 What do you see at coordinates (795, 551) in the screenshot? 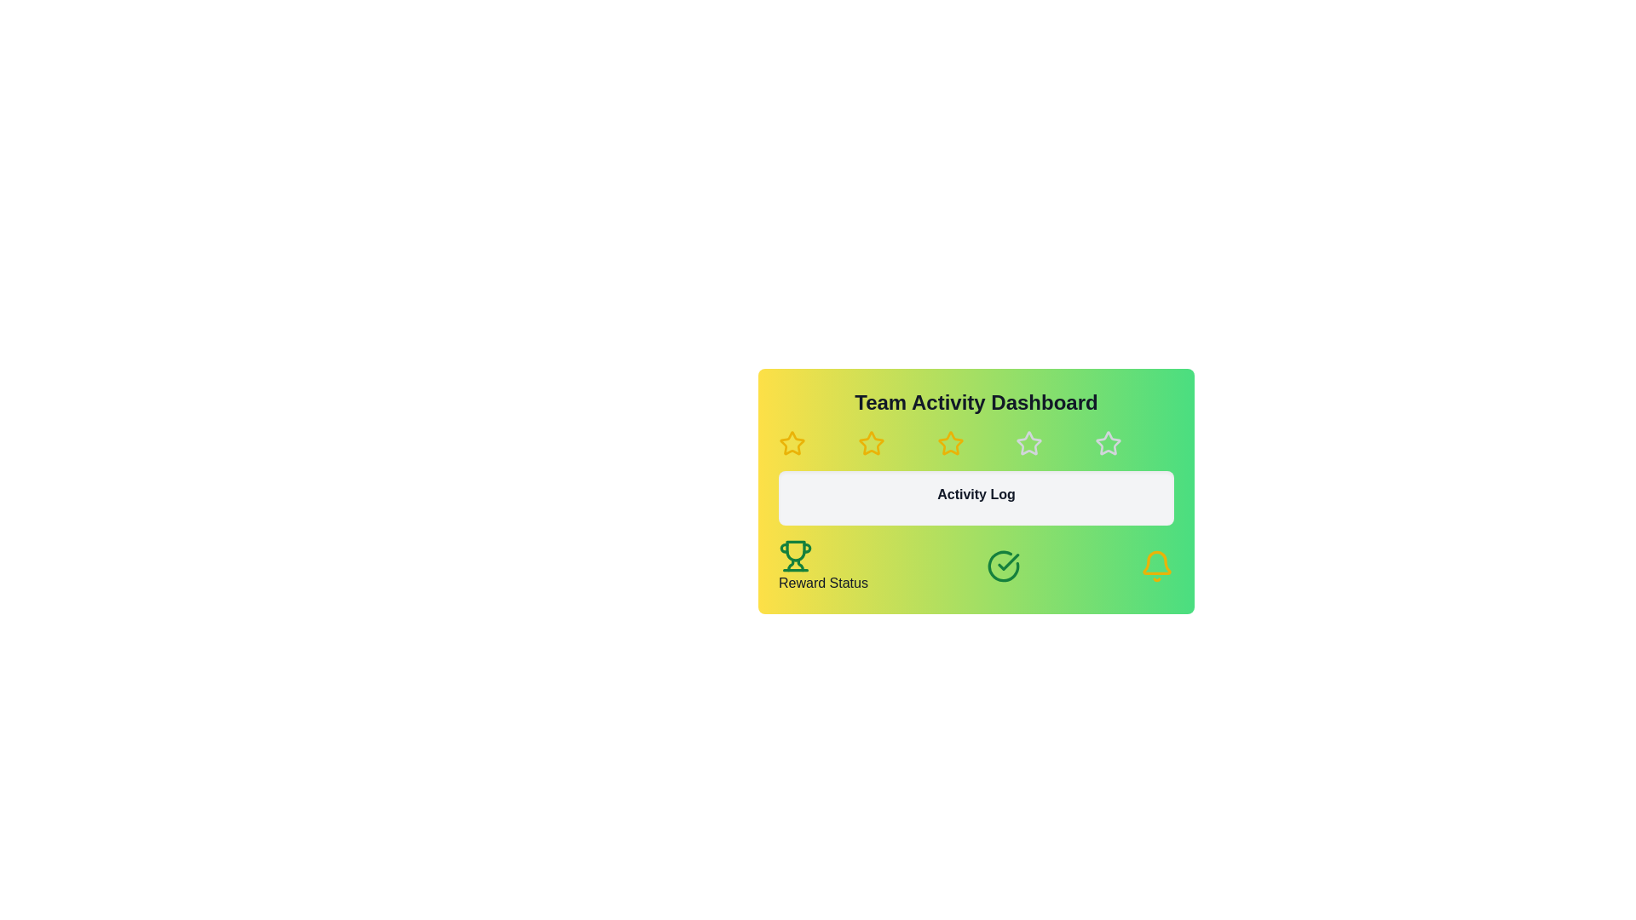
I see `the trophy icon located in the bottom-left corner of the 'Team Activity Dashboard', positioned near the 'Reward Status' label` at bounding box center [795, 551].